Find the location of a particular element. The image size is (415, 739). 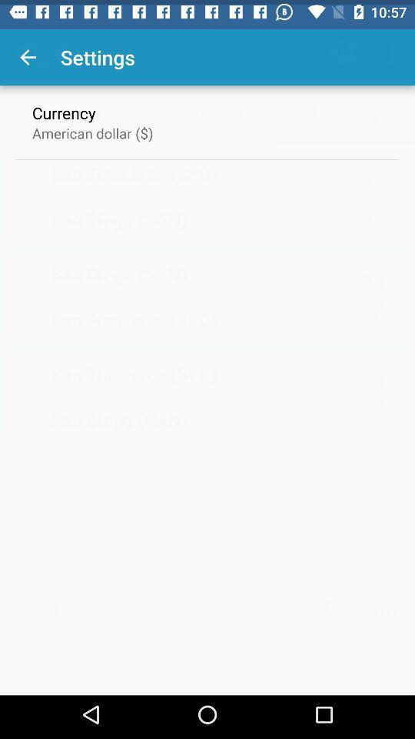

the icon above the american dollar ($) icon is located at coordinates (63, 107).